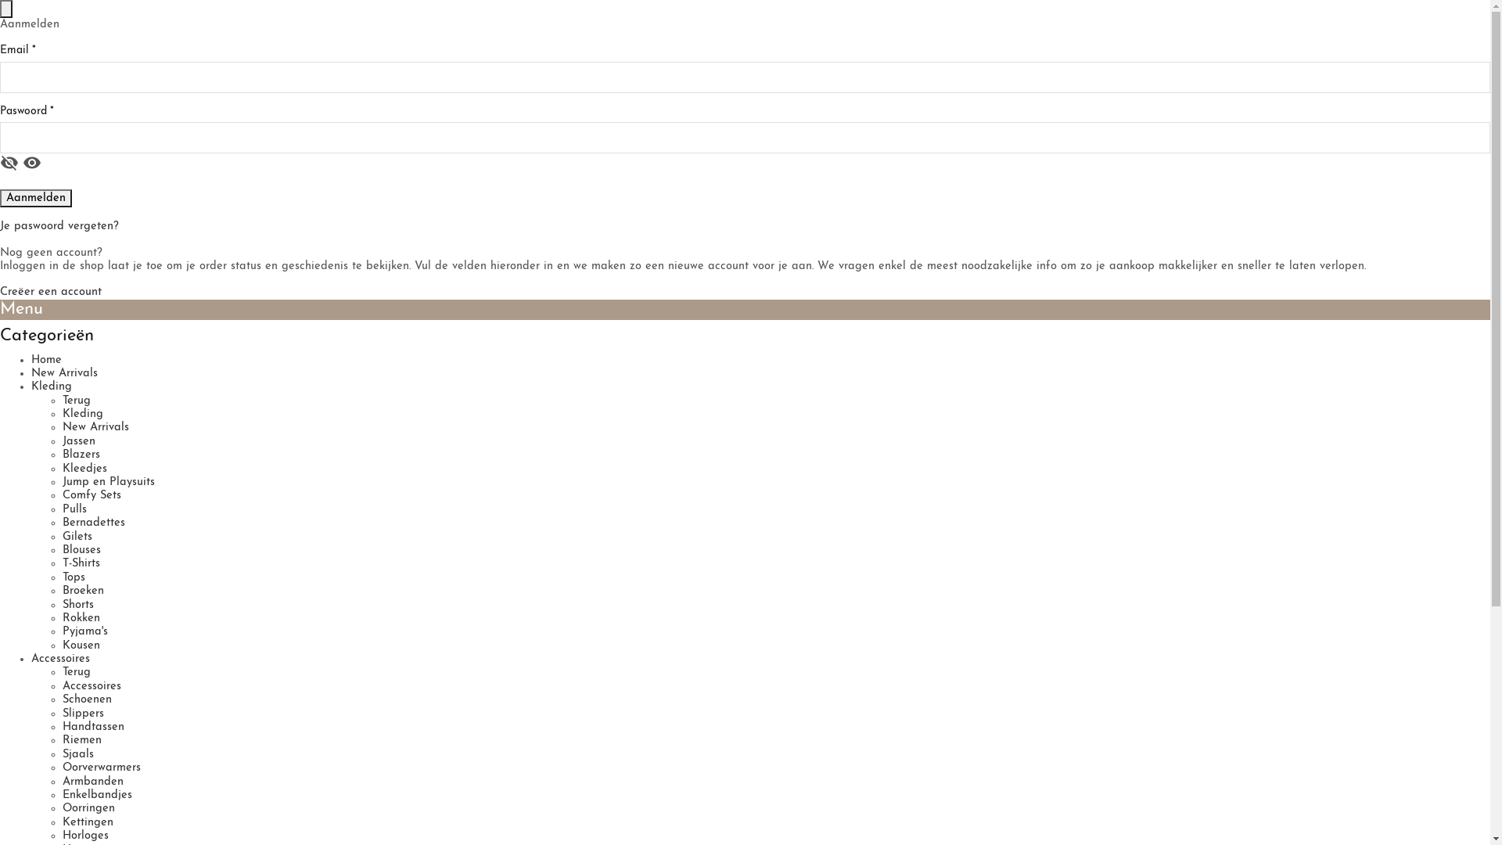 This screenshot has width=1502, height=845. I want to click on 'Aanmelden', so click(36, 197).